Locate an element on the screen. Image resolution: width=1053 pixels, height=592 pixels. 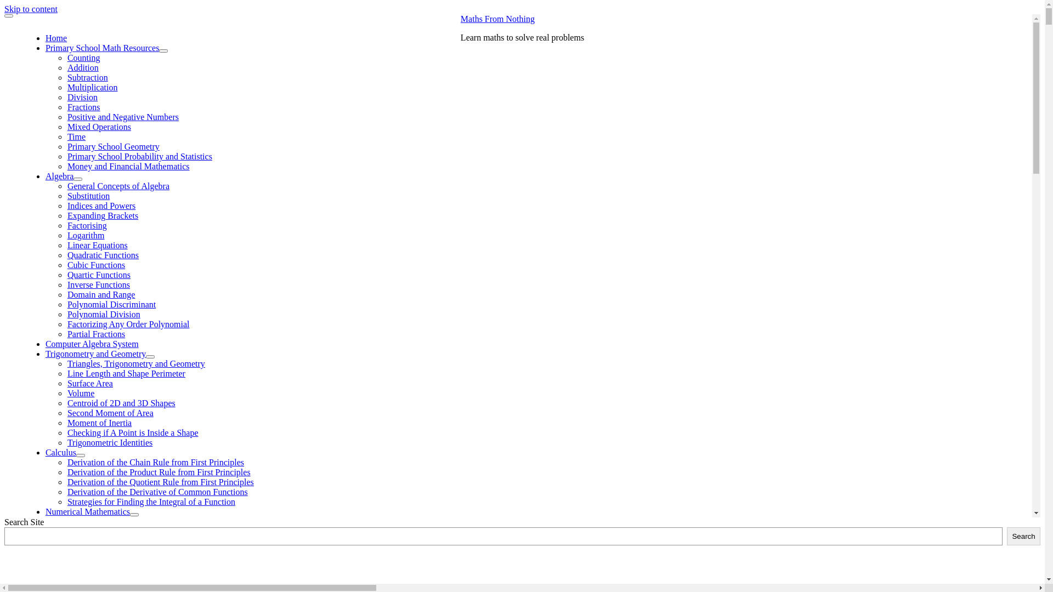
'Volume' is located at coordinates (80, 392).